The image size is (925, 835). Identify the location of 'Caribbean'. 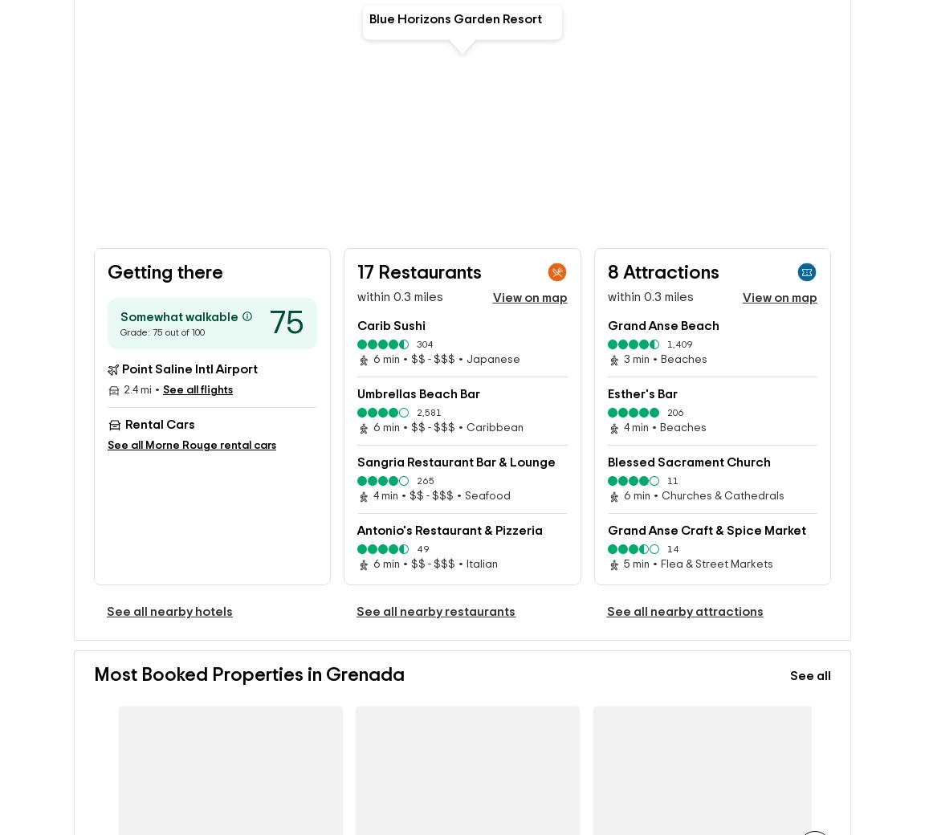
(494, 430).